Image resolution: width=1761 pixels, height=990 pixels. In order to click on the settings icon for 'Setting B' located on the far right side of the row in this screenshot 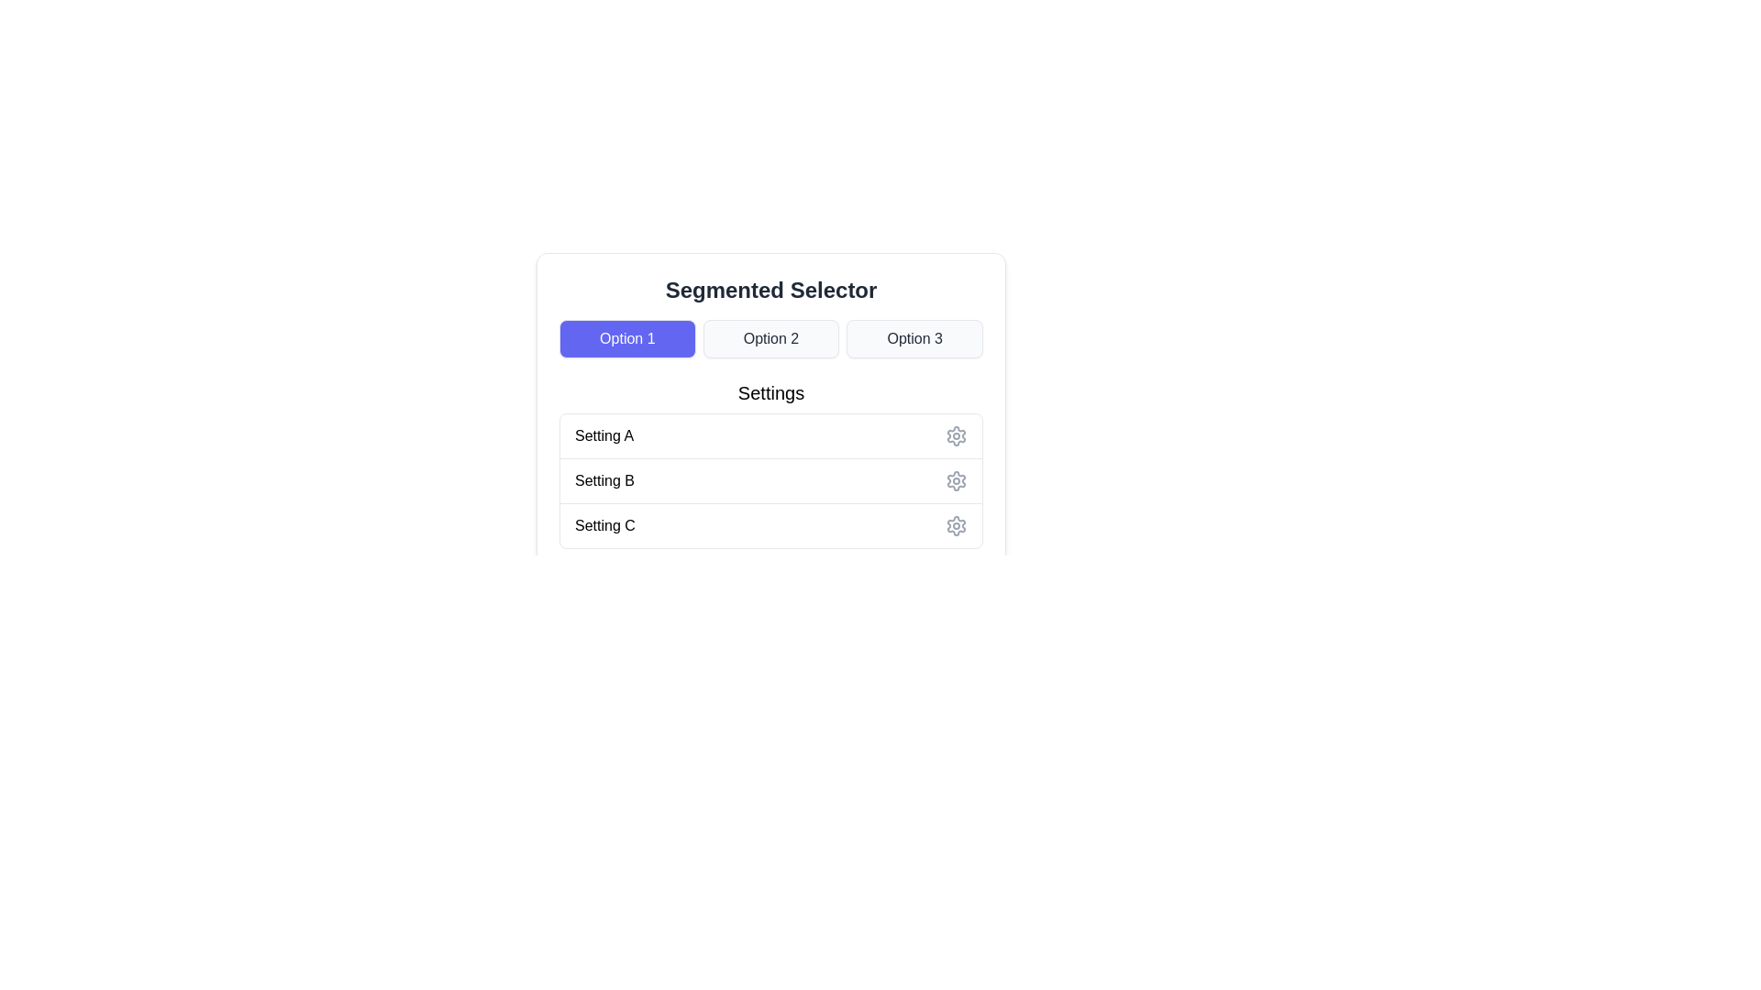, I will do `click(955, 479)`.